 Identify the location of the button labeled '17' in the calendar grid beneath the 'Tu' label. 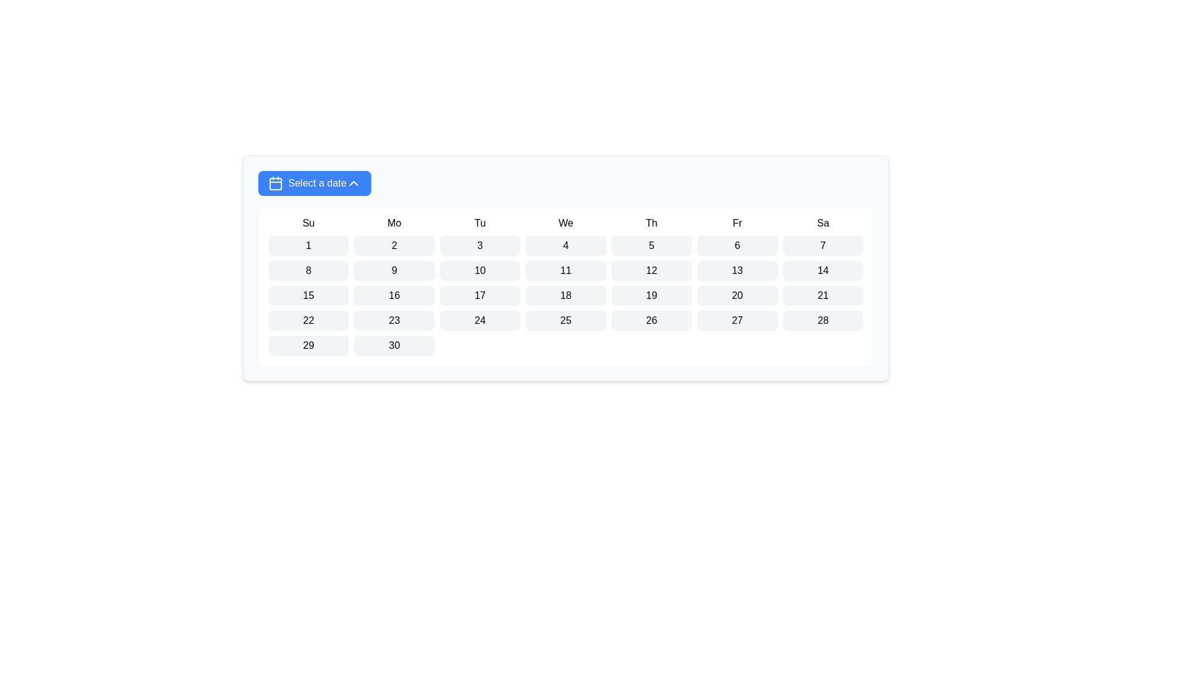
(479, 296).